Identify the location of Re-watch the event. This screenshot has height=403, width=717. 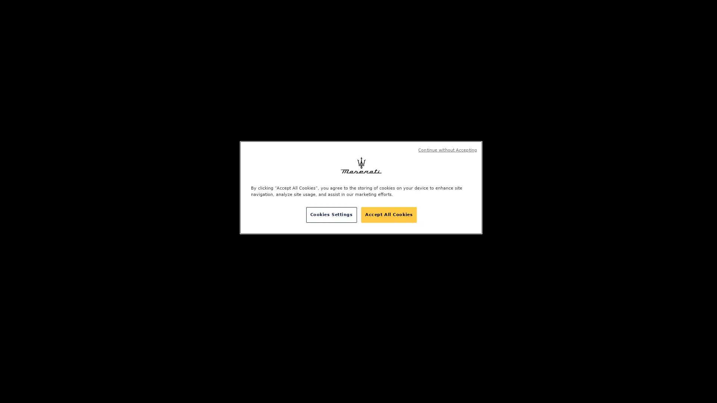
(428, 201).